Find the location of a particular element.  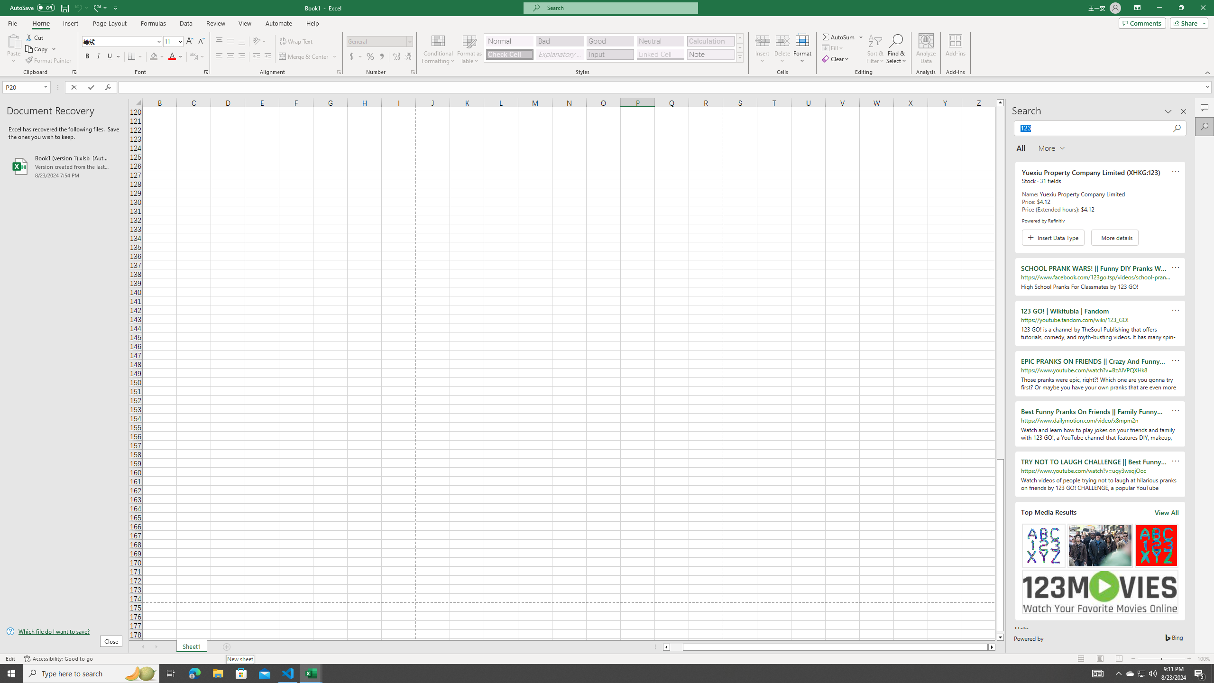

'Wrap Text' is located at coordinates (296, 41).